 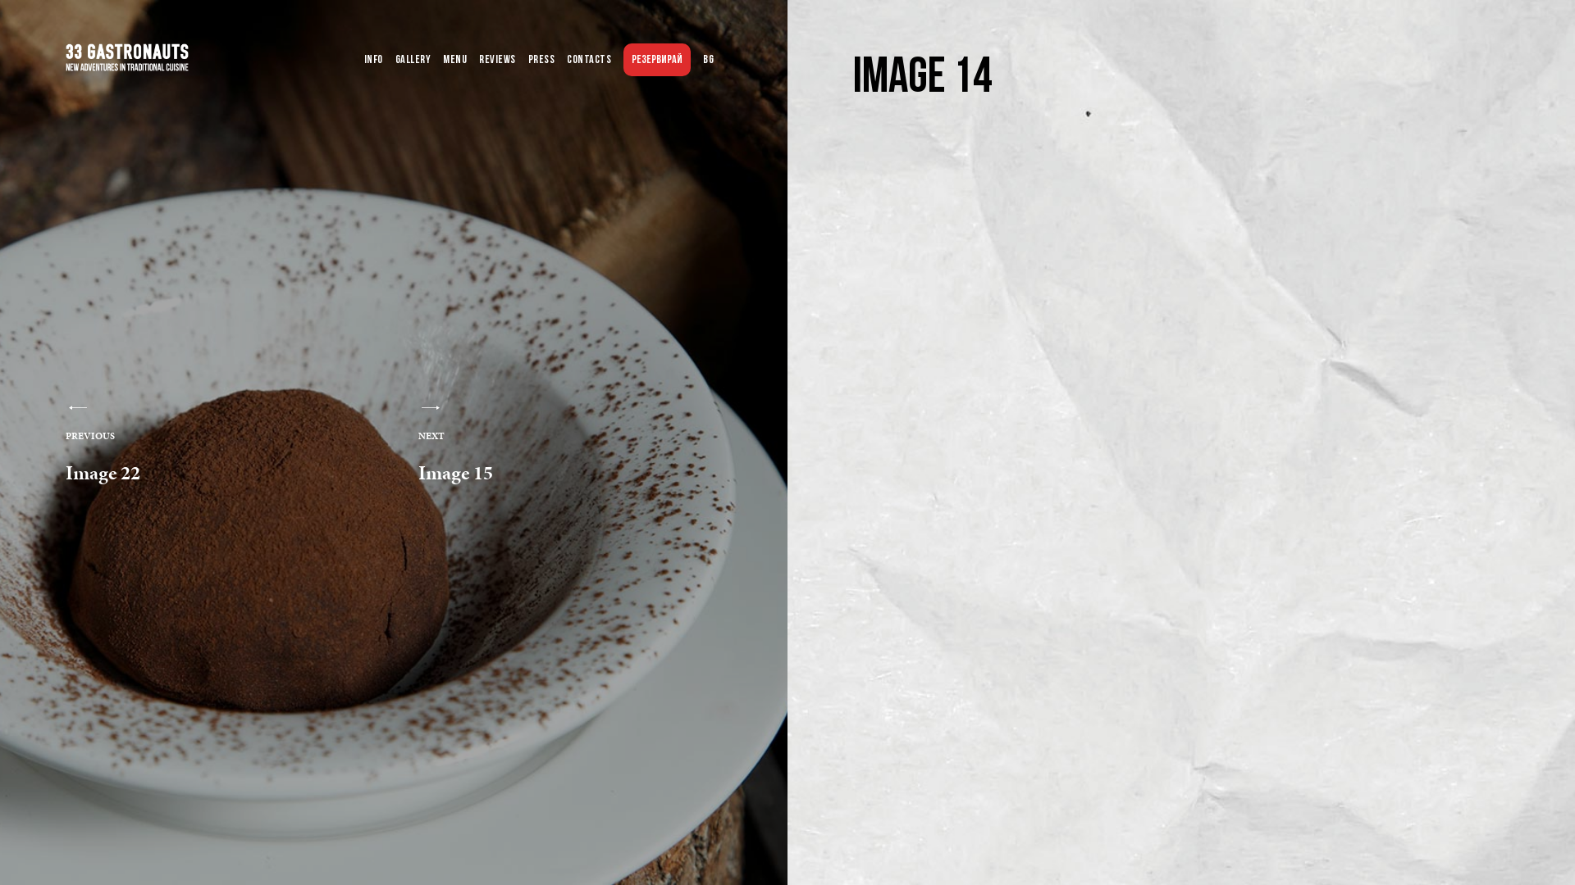 What do you see at coordinates (0, 0) in the screenshot?
I see `'Skip to content'` at bounding box center [0, 0].